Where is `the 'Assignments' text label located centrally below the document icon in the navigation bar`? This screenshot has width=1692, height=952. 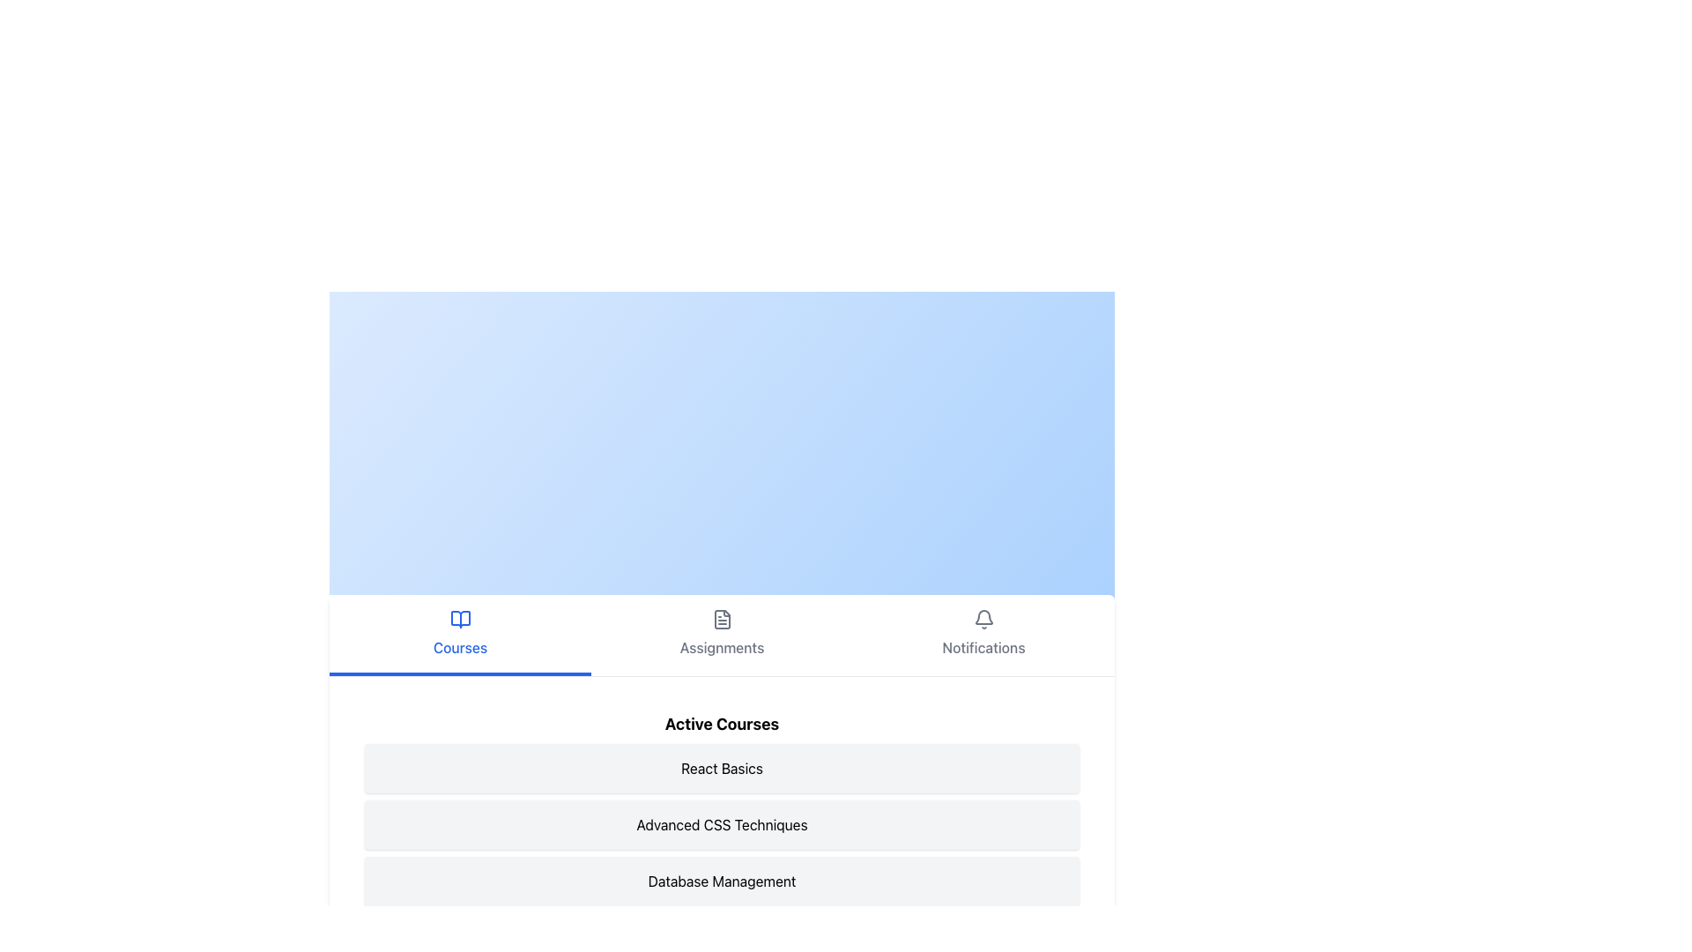 the 'Assignments' text label located centrally below the document icon in the navigation bar is located at coordinates (722, 647).